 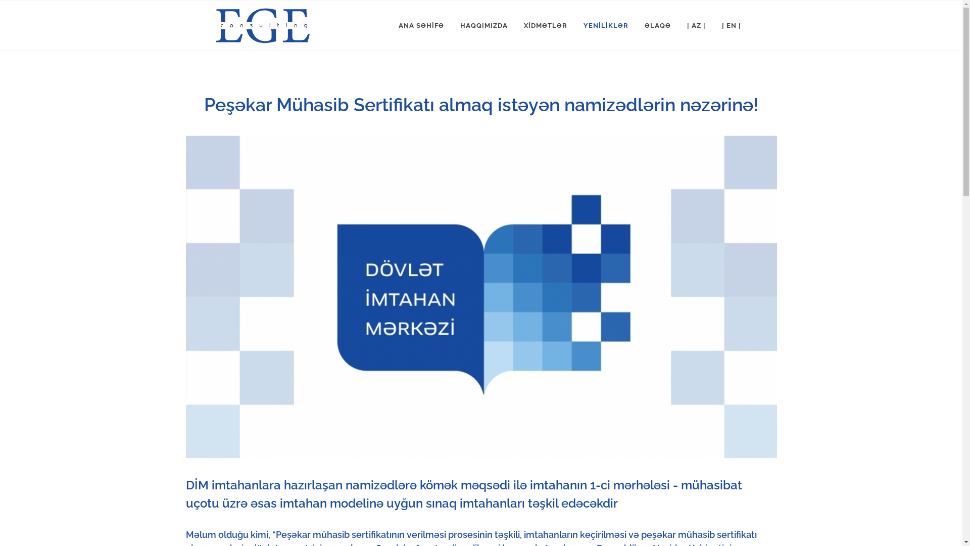 What do you see at coordinates (732, 25) in the screenshot?
I see `'| EN |'` at bounding box center [732, 25].